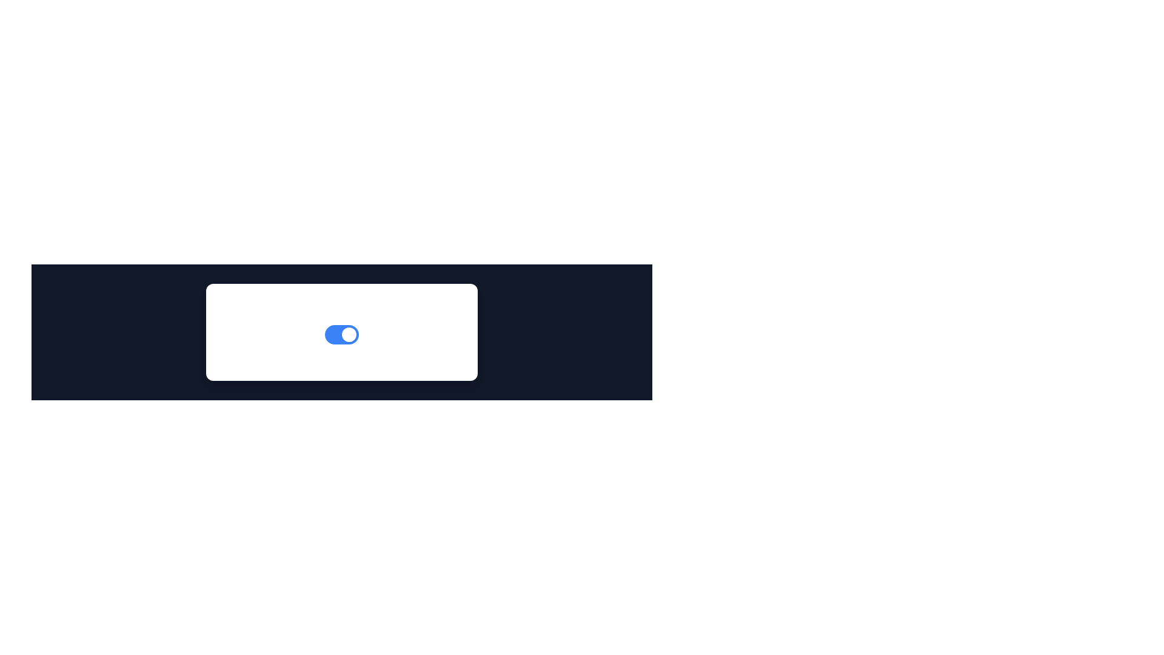  What do you see at coordinates (349, 334) in the screenshot?
I see `the small white circular toggle handle, which is visually centered within the blue background and indicates an 'on' state` at bounding box center [349, 334].